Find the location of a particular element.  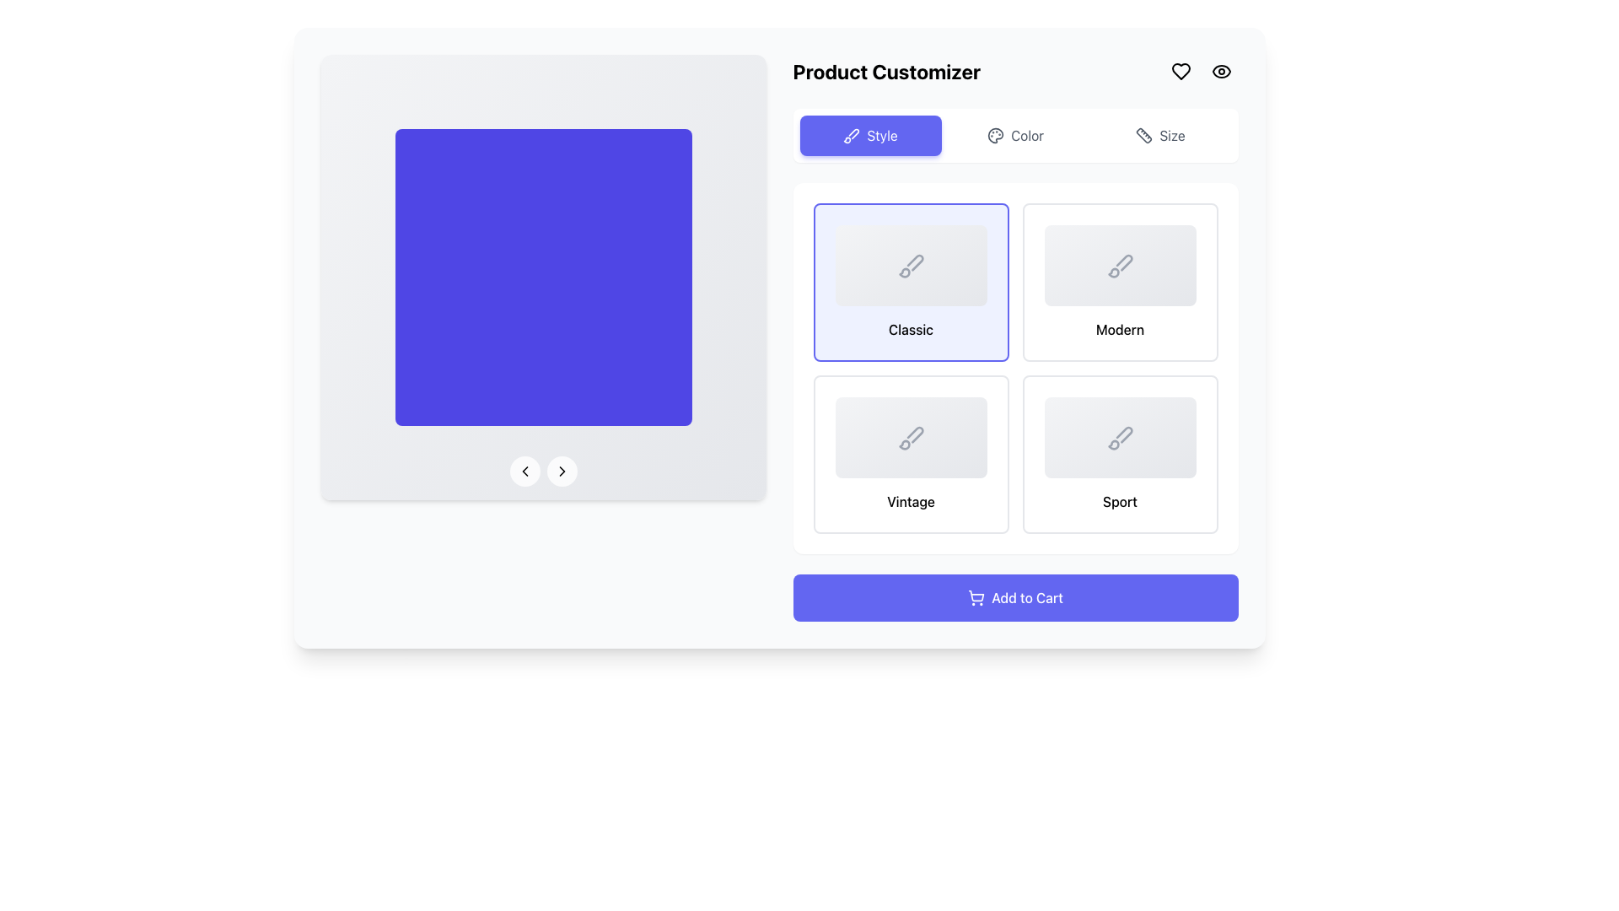

the circular button with a translucent white background and a leftward arrow icon is located at coordinates (524, 472).